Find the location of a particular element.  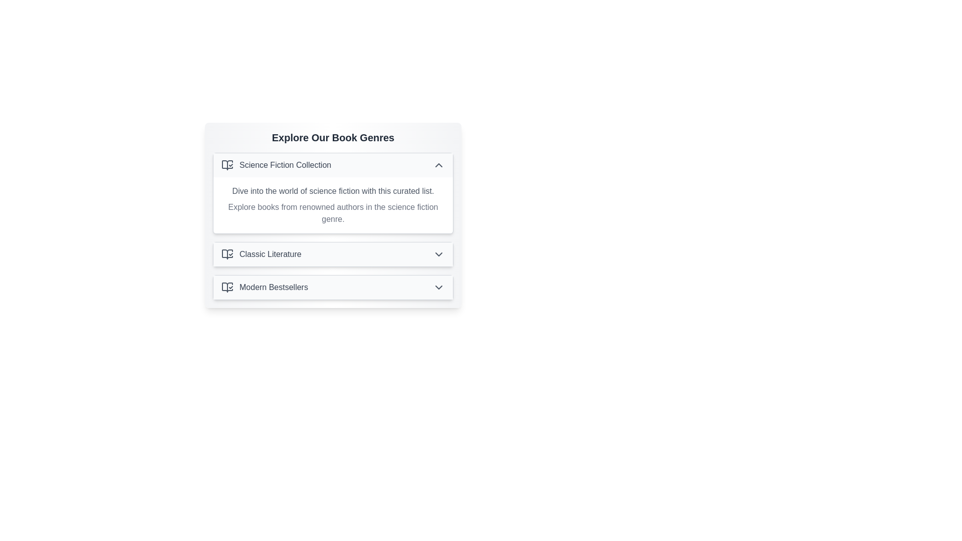

the 'Science Fiction Collection' element is located at coordinates (276, 165).